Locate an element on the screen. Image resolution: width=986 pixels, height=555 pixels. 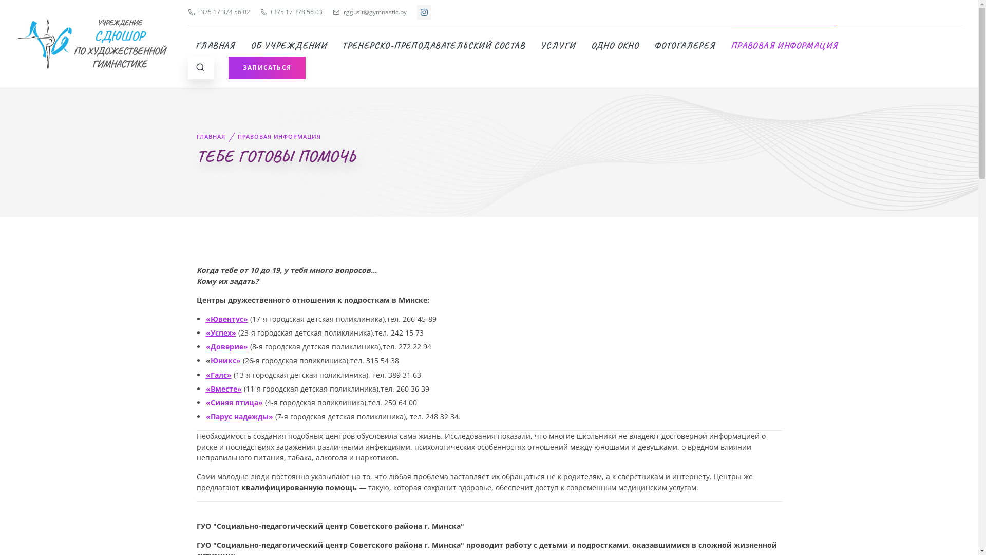
'+375 17 374 56 02' is located at coordinates (187, 12).